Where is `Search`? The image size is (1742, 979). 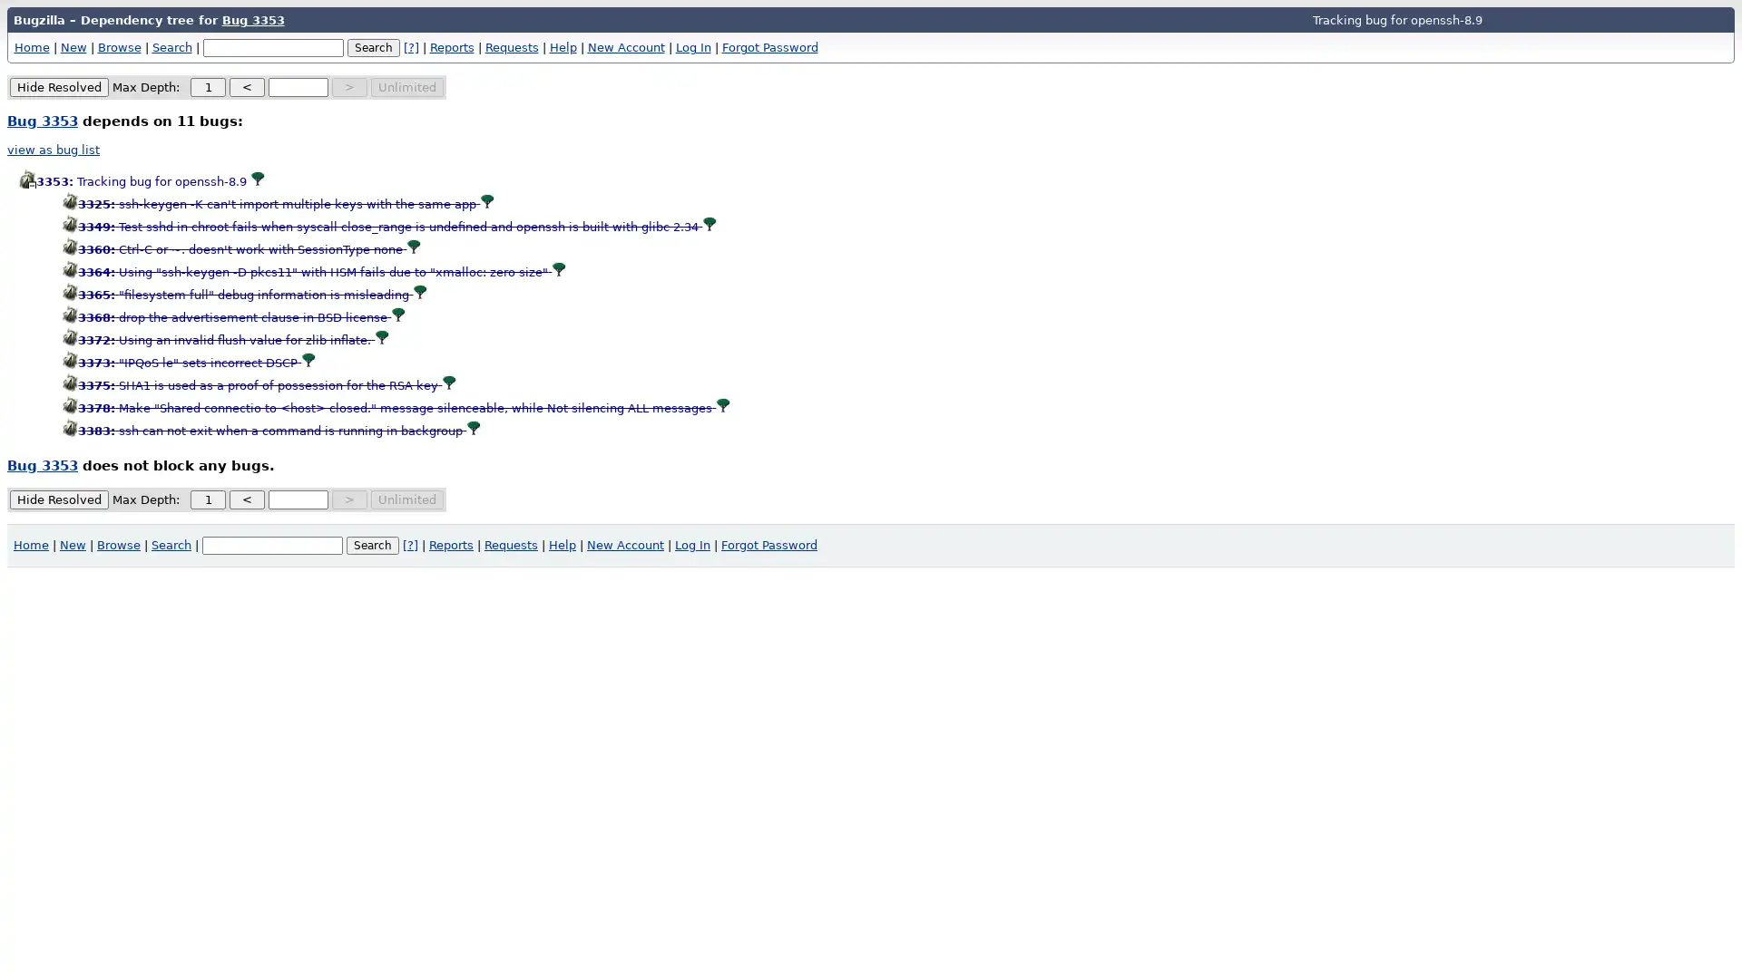 Search is located at coordinates (372, 45).